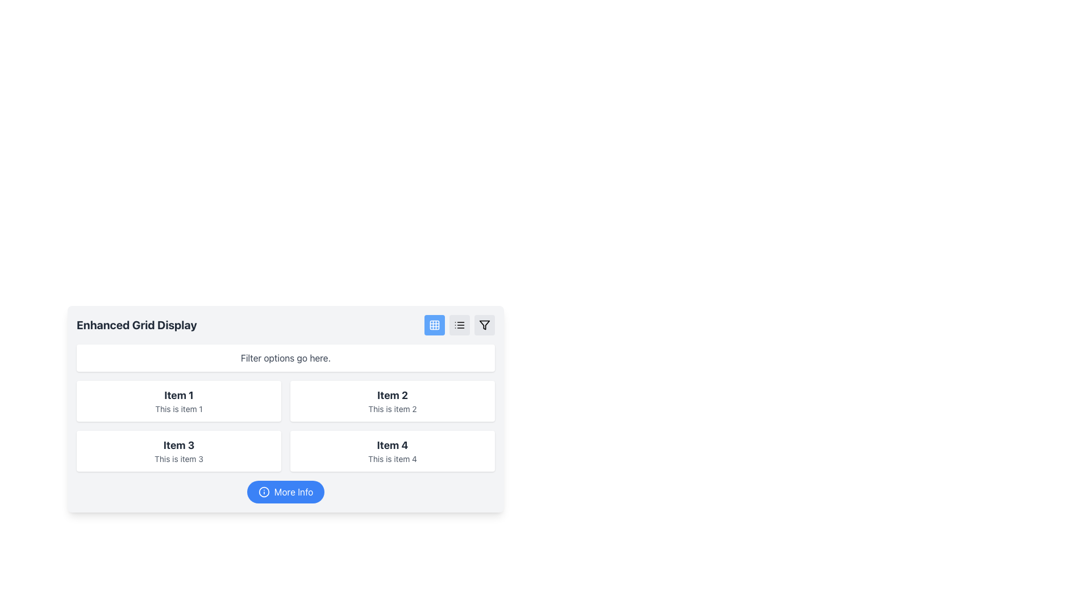  I want to click on the toggle button located in the blue rounded box toolbar, so click(434, 325).